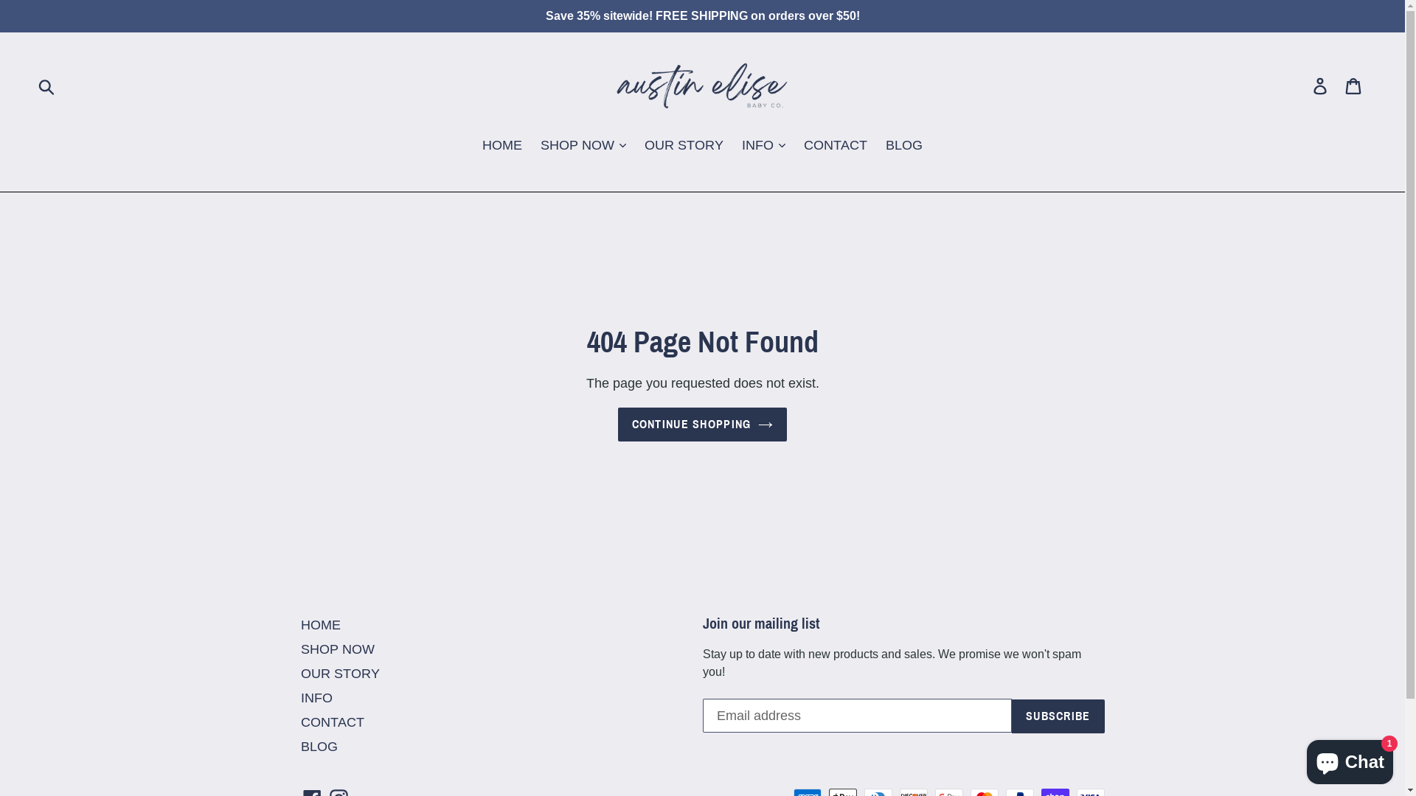  What do you see at coordinates (339, 673) in the screenshot?
I see `'OUR STORY'` at bounding box center [339, 673].